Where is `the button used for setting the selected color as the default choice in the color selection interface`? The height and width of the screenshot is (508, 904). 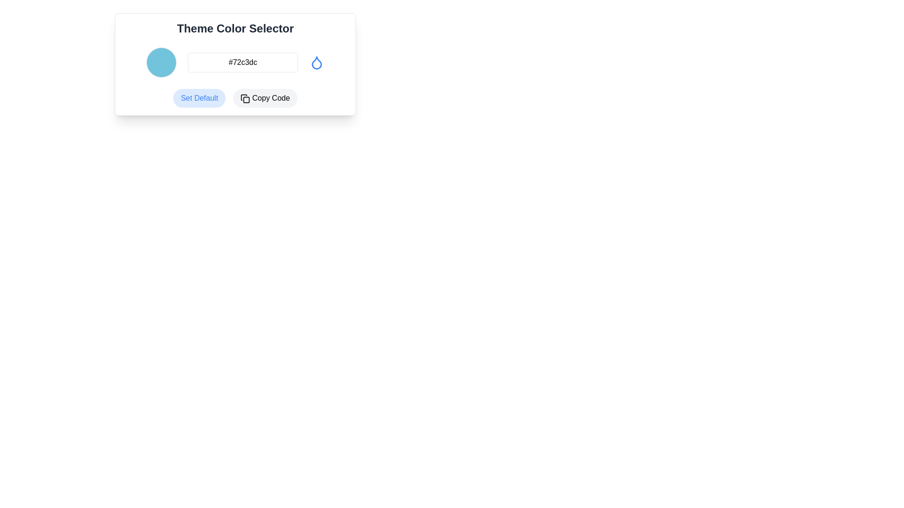 the button used for setting the selected color as the default choice in the color selection interface is located at coordinates (199, 98).